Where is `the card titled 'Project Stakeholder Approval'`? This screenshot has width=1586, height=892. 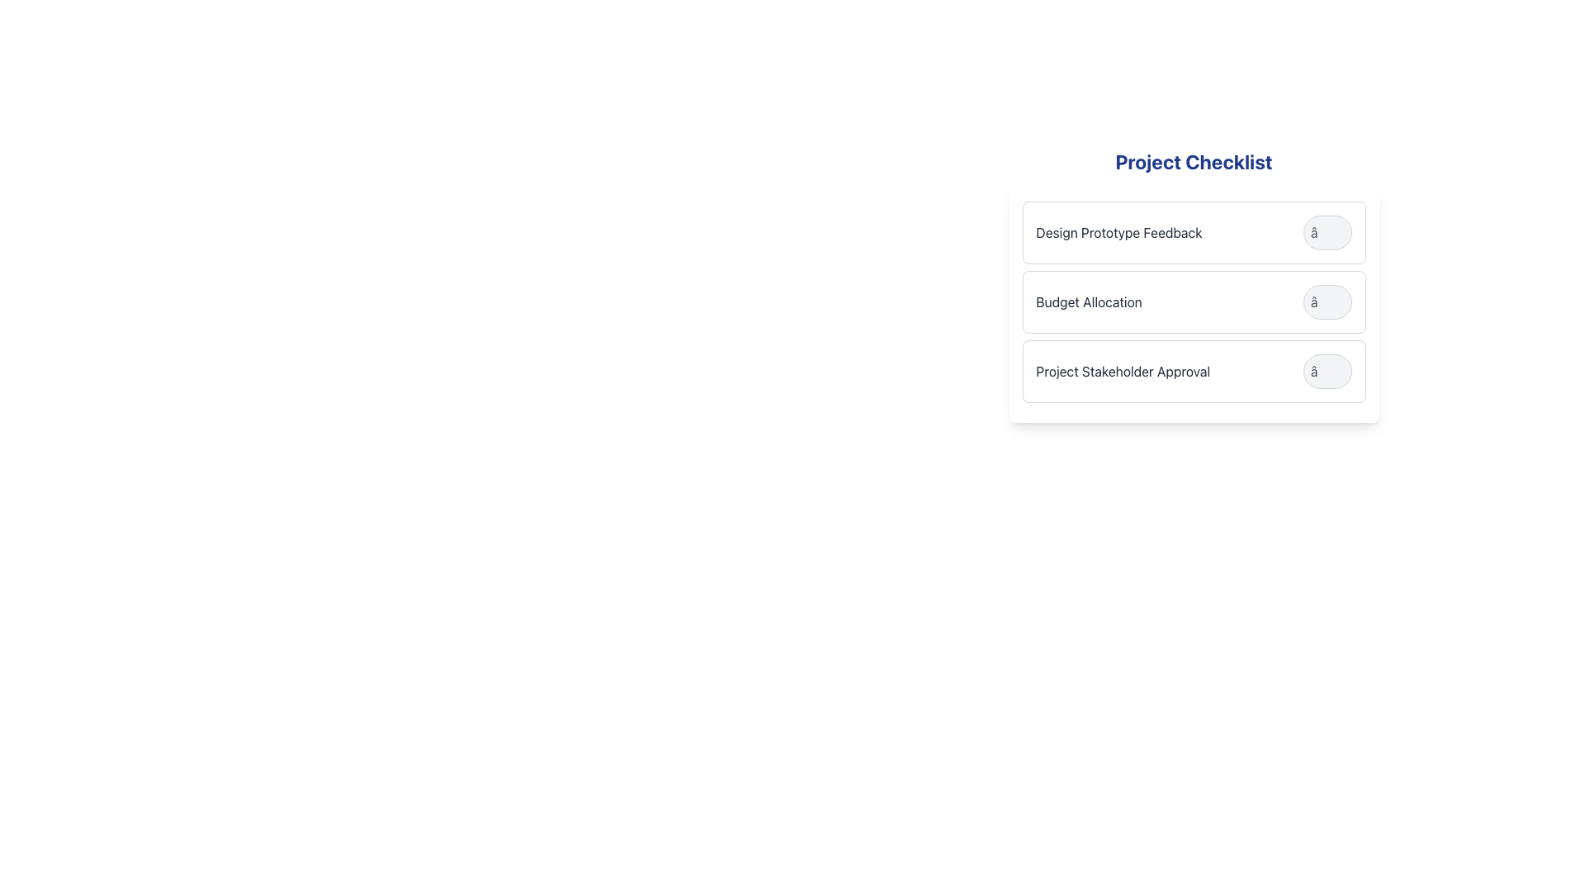
the card titled 'Project Stakeholder Approval' is located at coordinates (1194, 372).